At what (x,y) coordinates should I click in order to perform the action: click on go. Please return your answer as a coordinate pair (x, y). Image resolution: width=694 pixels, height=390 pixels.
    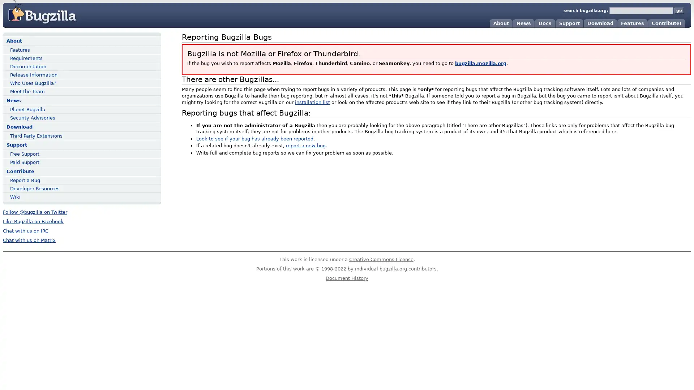
    Looking at the image, I should click on (678, 10).